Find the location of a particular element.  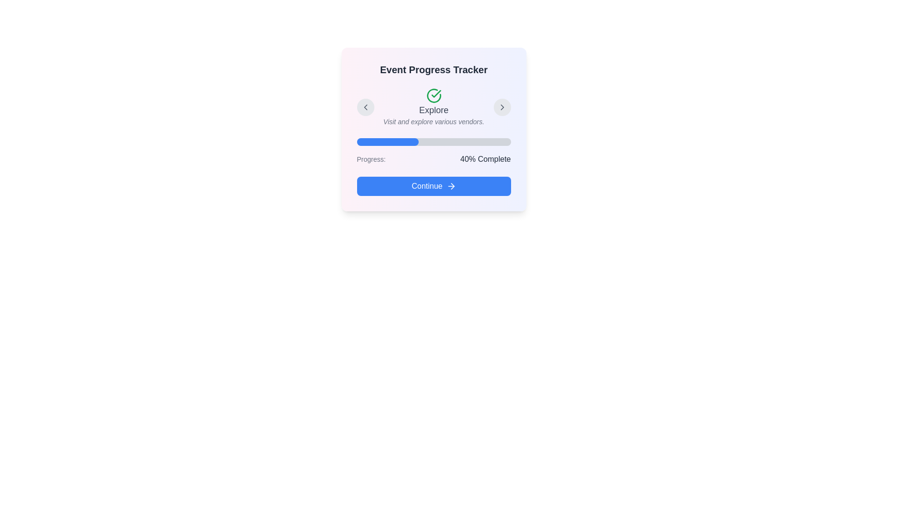

the progress bar located centrally within the card layout, positioned below the 'Explore' heading and above the 'Progress' label is located at coordinates (433, 142).